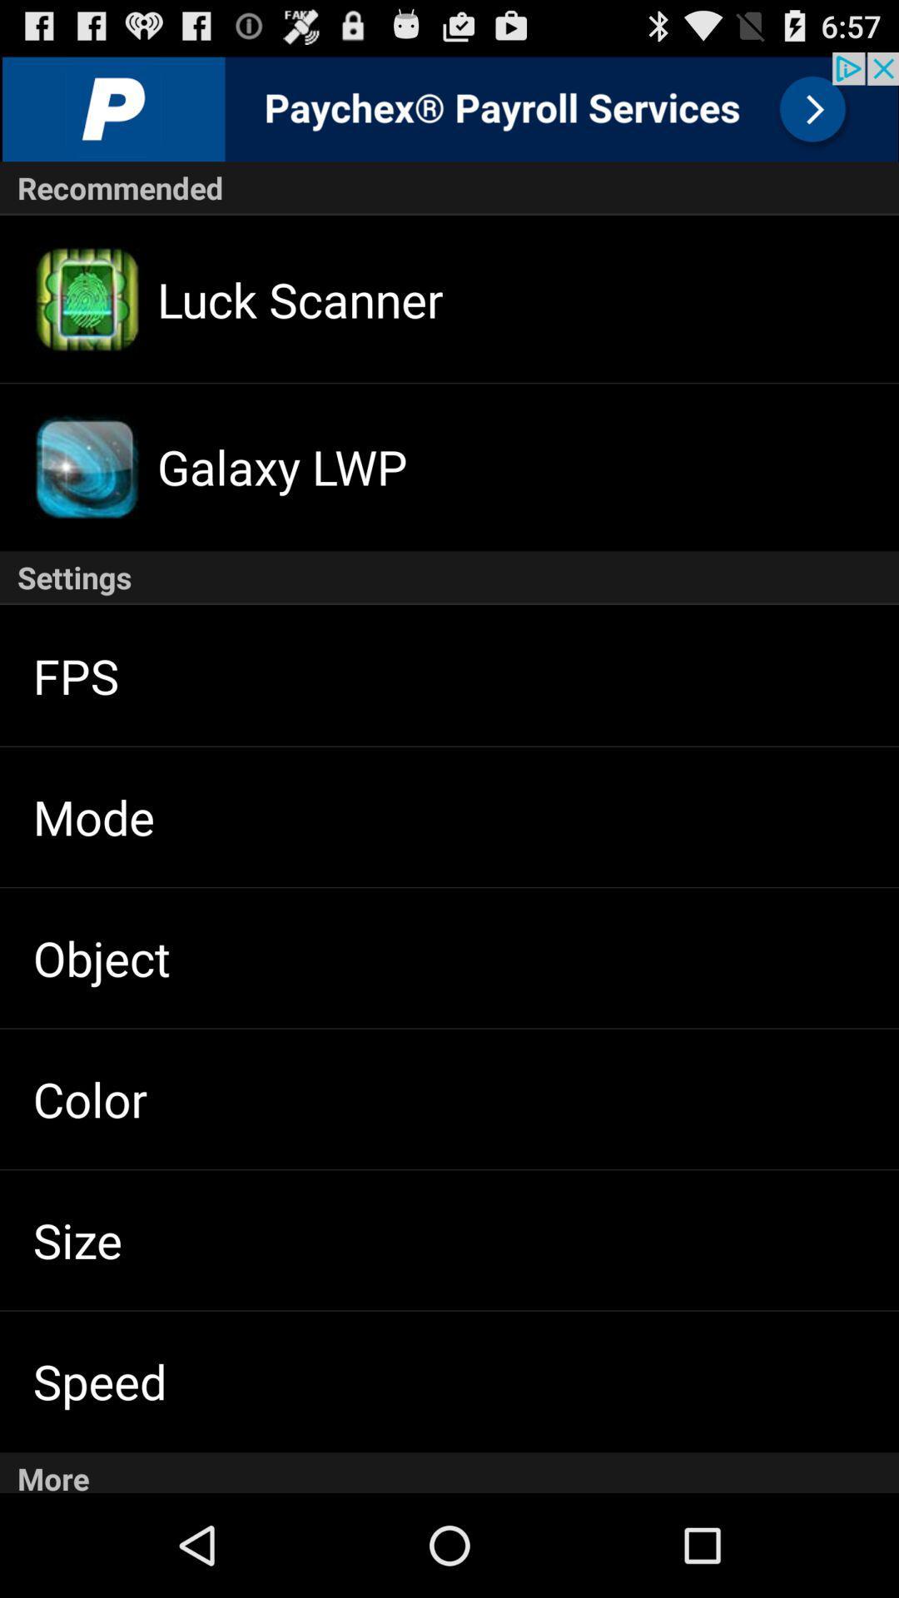 The image size is (899, 1598). What do you see at coordinates (449, 106) in the screenshot?
I see `advertisement page` at bounding box center [449, 106].